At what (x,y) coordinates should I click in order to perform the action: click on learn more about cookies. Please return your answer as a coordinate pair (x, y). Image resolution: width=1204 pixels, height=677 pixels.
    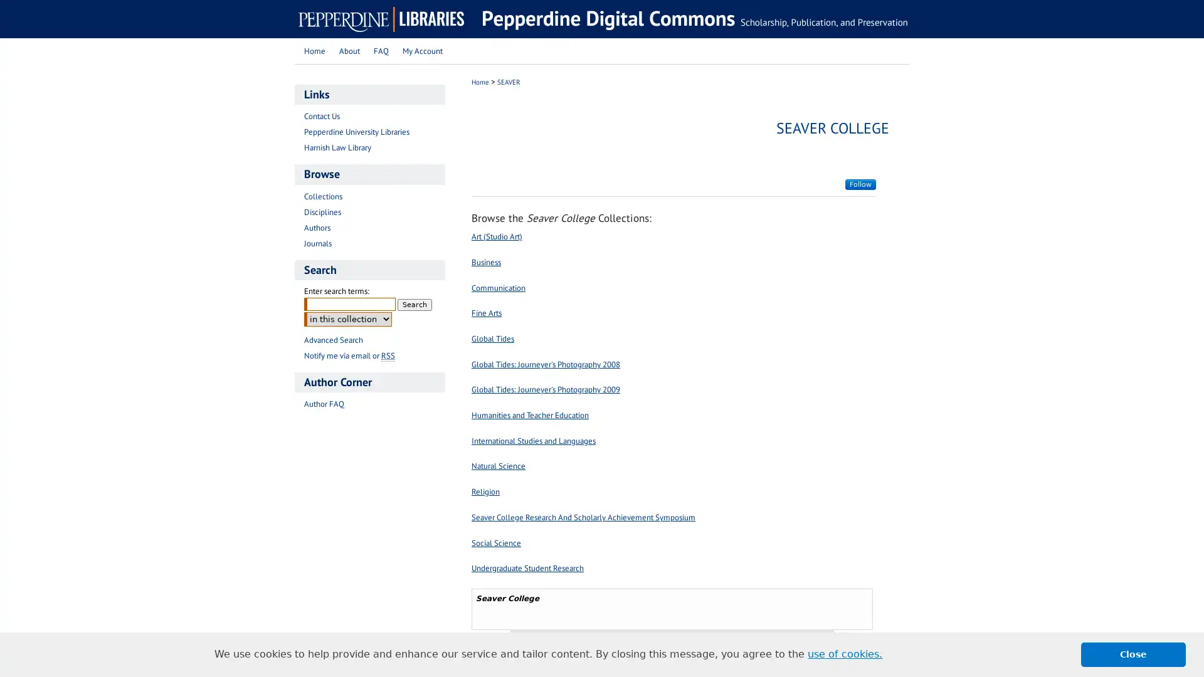
    Looking at the image, I should click on (845, 654).